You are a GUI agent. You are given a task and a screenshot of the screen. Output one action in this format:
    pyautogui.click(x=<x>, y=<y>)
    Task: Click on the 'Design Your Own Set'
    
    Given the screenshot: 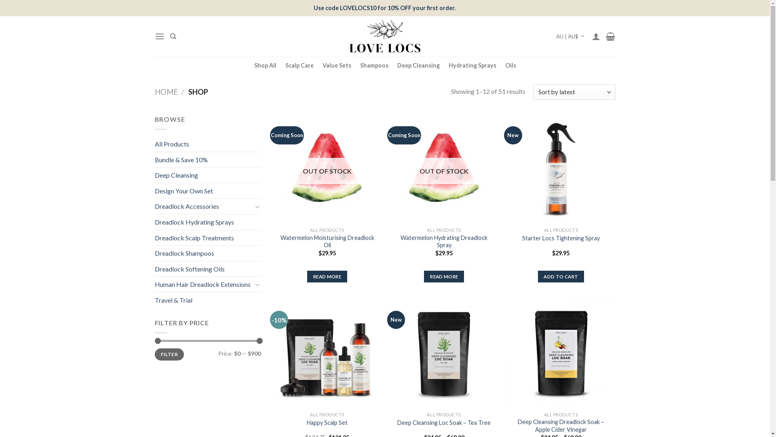 What is the action you would take?
    pyautogui.click(x=154, y=191)
    